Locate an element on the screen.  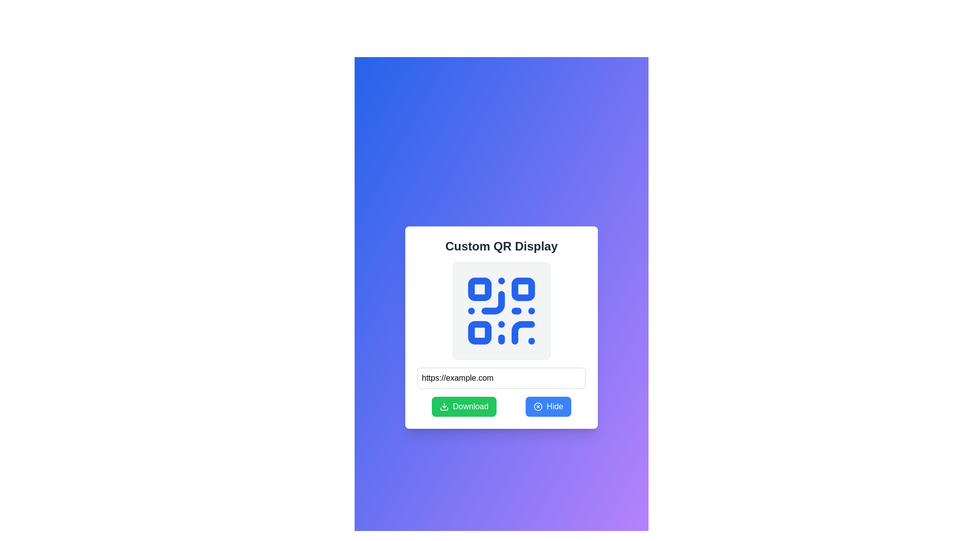
the small circular icon with an 'X' design inside the blue 'Hide' button is located at coordinates (538, 407).